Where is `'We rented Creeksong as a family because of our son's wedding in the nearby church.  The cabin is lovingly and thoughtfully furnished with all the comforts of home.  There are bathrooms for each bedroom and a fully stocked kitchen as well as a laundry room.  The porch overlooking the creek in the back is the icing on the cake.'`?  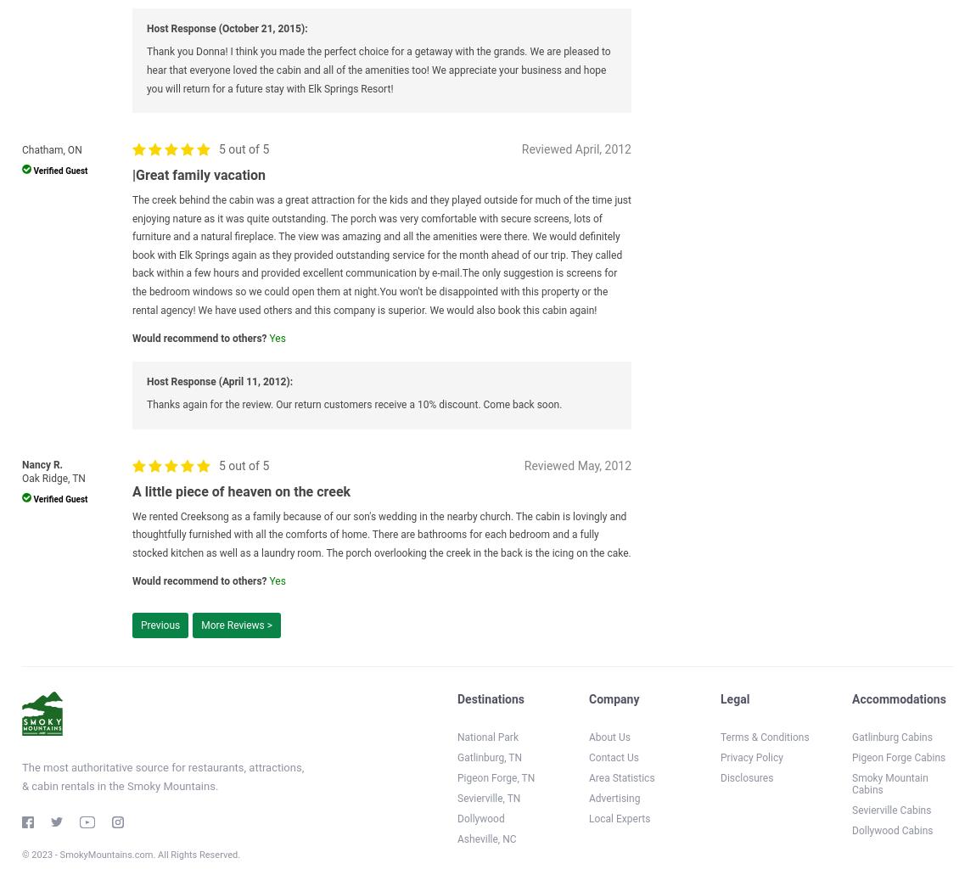 'We rented Creeksong as a family because of our son's wedding in the nearby church.  The cabin is lovingly and thoughtfully furnished with all the comforts of home.  There are bathrooms for each bedroom and a fully stocked kitchen as well as a laundry room.  The porch overlooking the creek in the back is the icing on the cake.' is located at coordinates (381, 534).